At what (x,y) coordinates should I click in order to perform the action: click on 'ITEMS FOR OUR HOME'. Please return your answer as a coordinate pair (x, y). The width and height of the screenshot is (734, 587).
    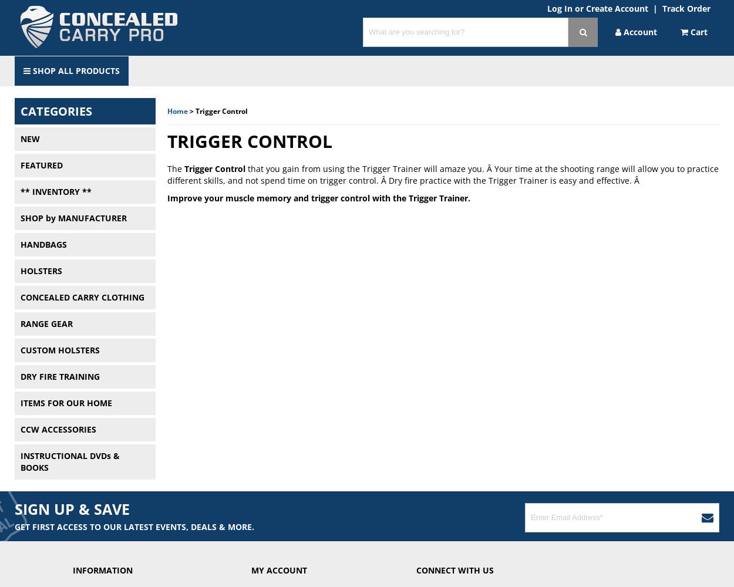
    Looking at the image, I should click on (65, 403).